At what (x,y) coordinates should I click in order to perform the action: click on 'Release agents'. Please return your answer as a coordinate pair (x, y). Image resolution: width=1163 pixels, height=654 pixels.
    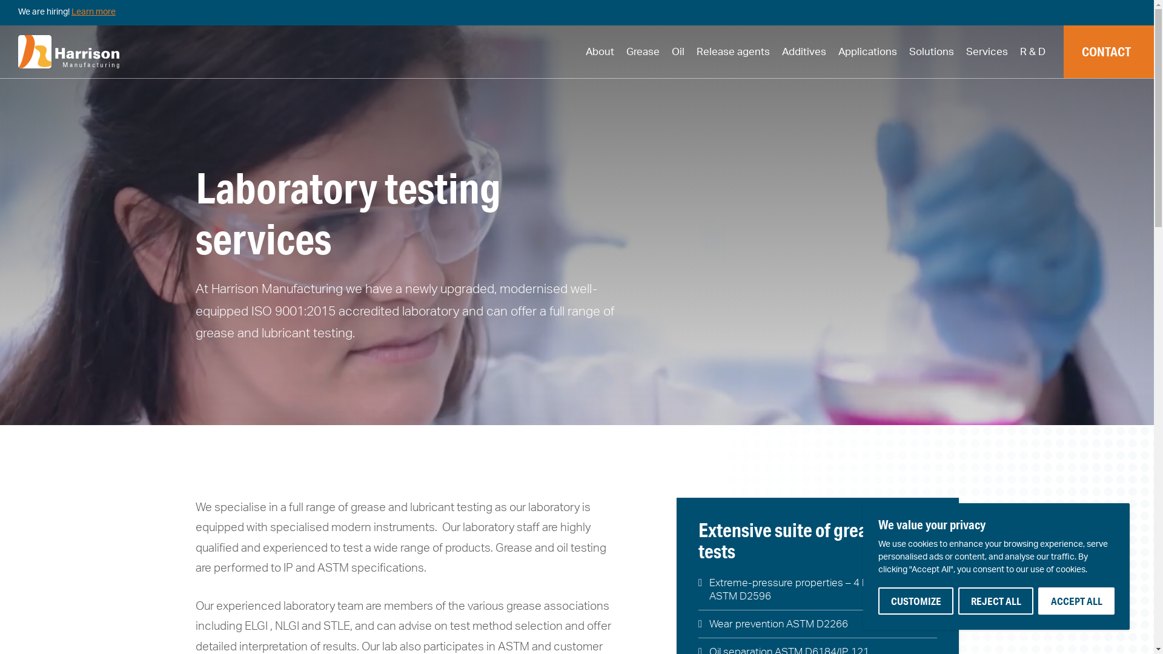
    Looking at the image, I should click on (732, 51).